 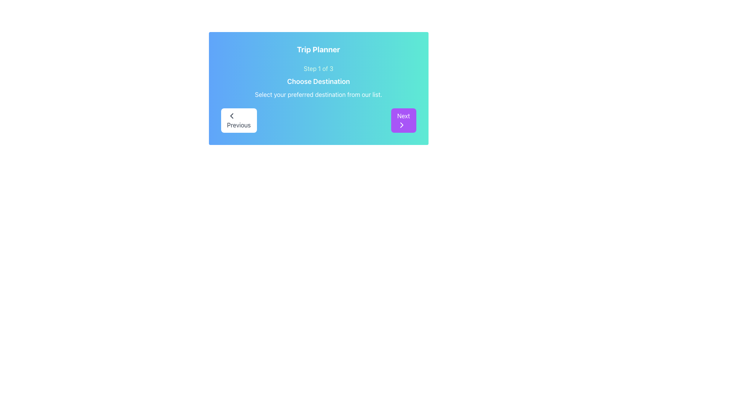 What do you see at coordinates (401, 124) in the screenshot?
I see `the Chevron arrow graphic within the 'Next' button` at bounding box center [401, 124].